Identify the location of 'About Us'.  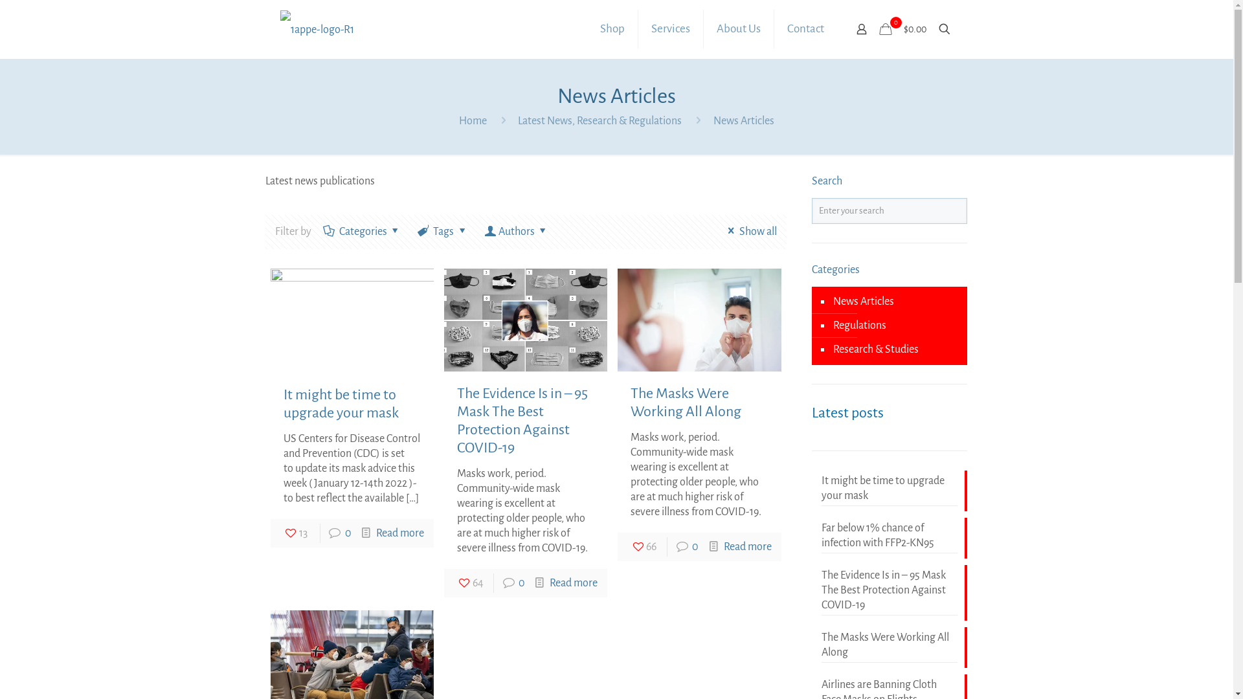
(739, 29).